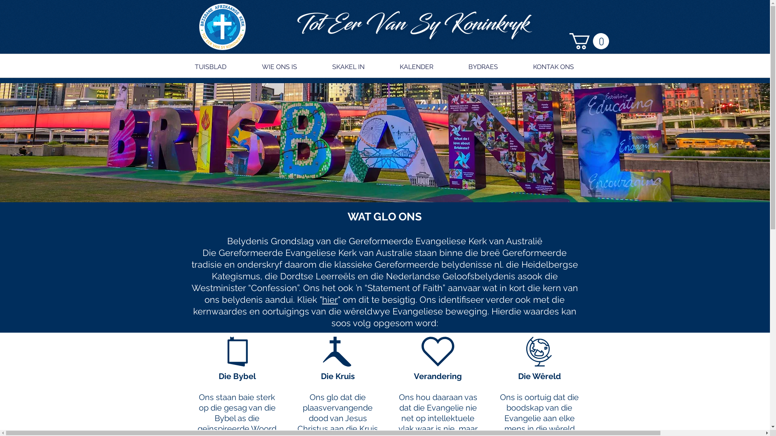  Describe the element at coordinates (483, 63) in the screenshot. I see `'BYDRAES'` at that location.